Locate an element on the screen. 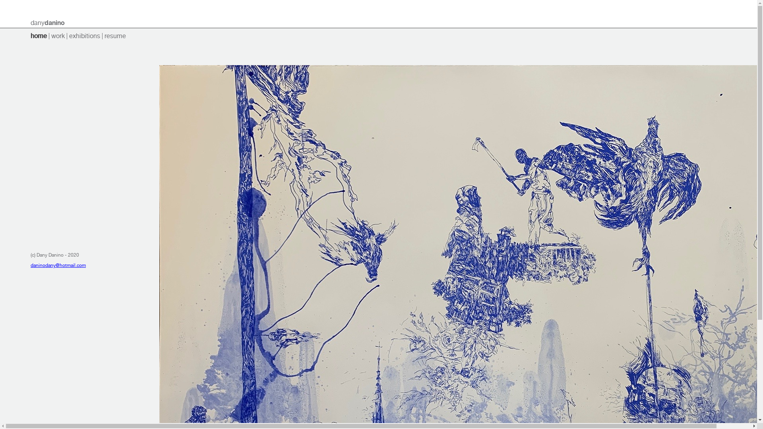 This screenshot has height=429, width=763. 'work' is located at coordinates (57, 36).